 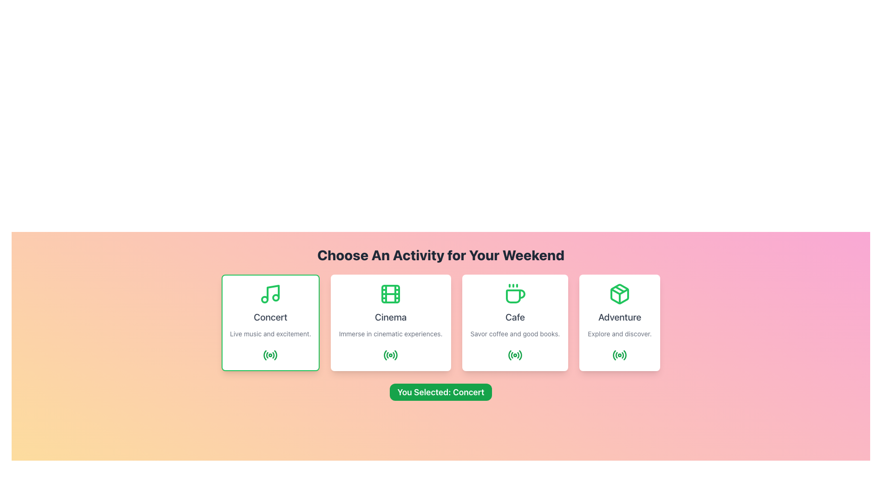 I want to click on the 'Cinema' activity icon located at the bottom-center of the second card in a horizontal row of four cards, which indicates selection or status related to 'Cinema', so click(x=391, y=355).